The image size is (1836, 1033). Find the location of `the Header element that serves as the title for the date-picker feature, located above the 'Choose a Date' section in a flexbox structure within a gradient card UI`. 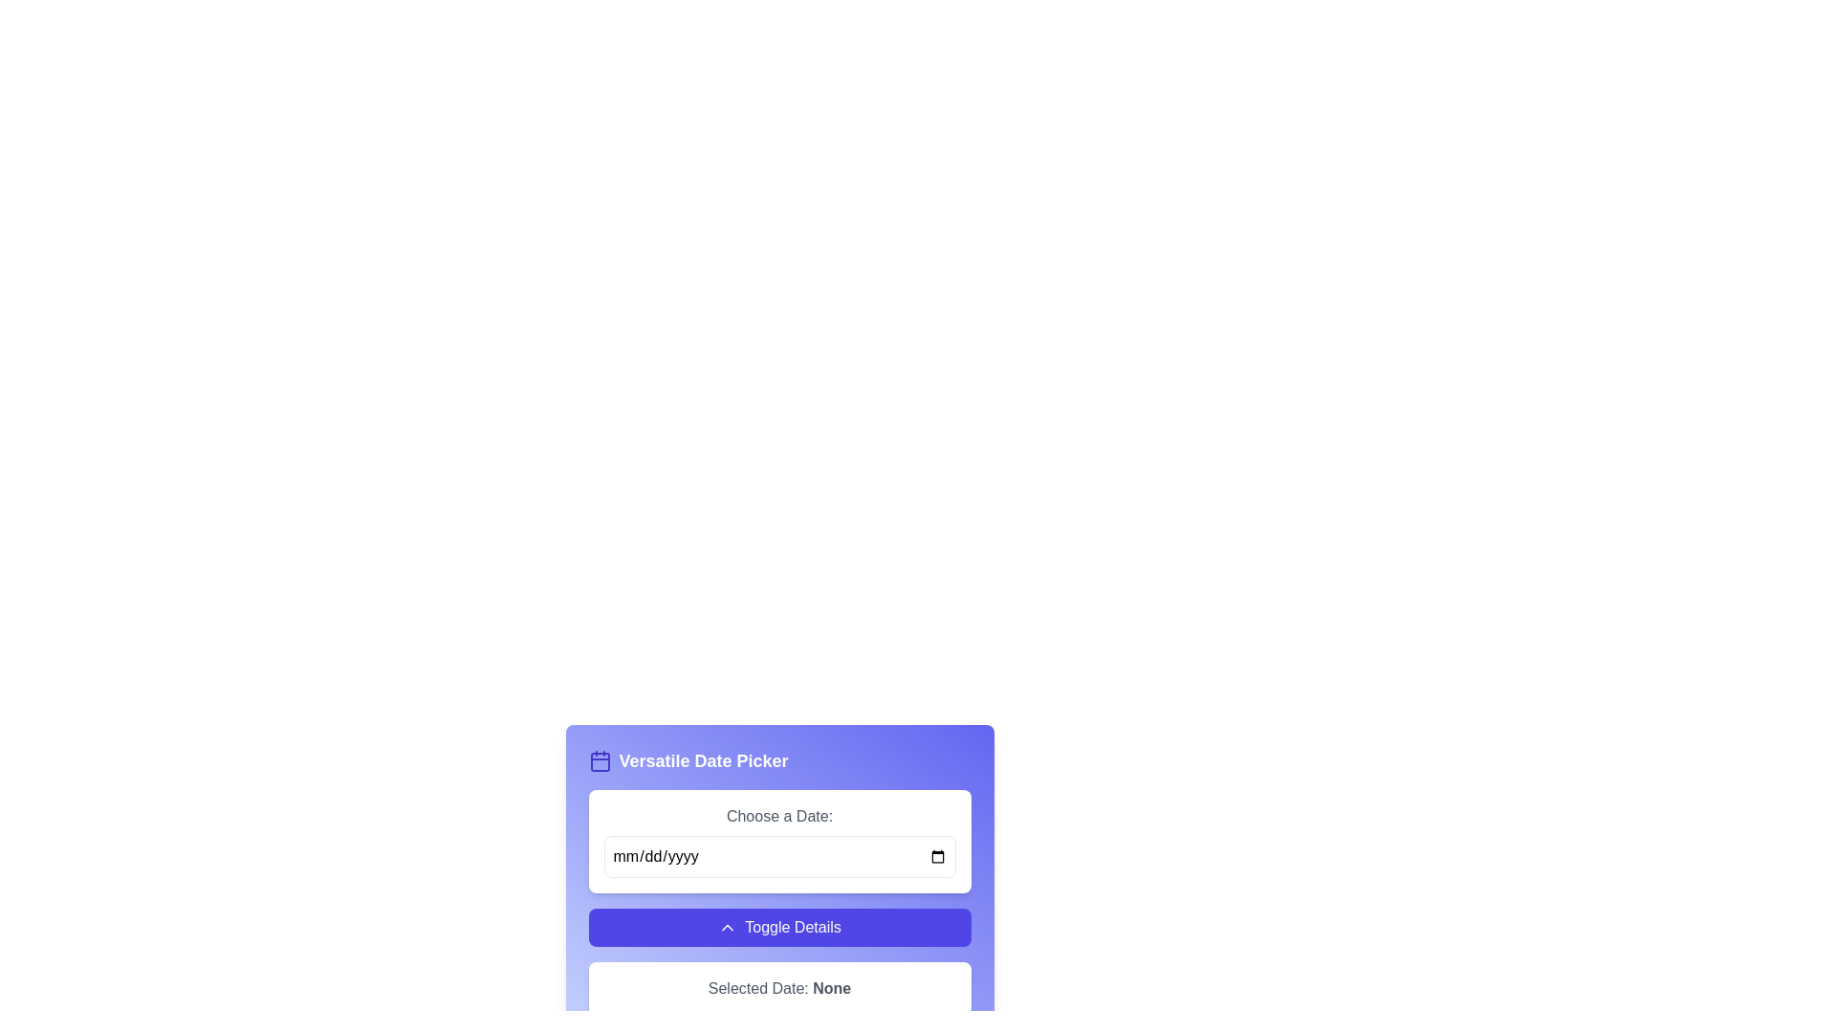

the Header element that serves as the title for the date-picker feature, located above the 'Choose a Date' section in a flexbox structure within a gradient card UI is located at coordinates (779, 759).